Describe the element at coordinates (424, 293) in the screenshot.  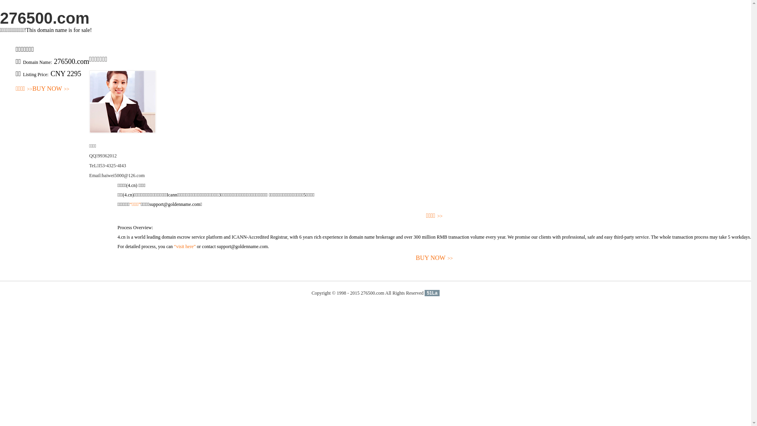
I see `'51La'` at that location.